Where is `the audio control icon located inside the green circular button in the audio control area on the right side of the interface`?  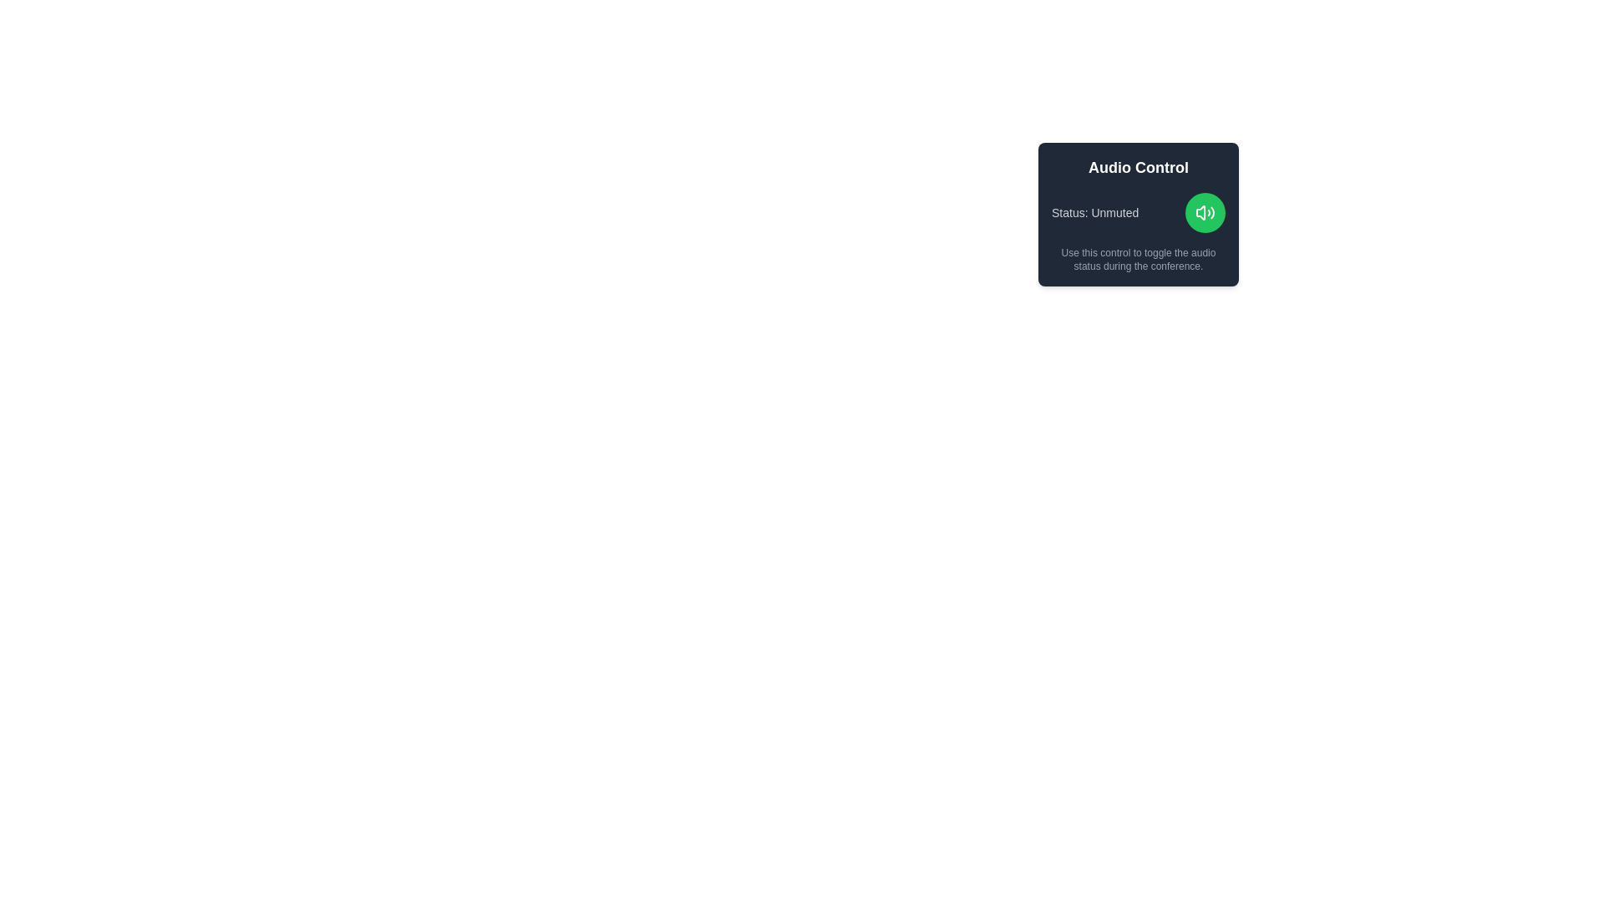 the audio control icon located inside the green circular button in the audio control area on the right side of the interface is located at coordinates (1206, 211).